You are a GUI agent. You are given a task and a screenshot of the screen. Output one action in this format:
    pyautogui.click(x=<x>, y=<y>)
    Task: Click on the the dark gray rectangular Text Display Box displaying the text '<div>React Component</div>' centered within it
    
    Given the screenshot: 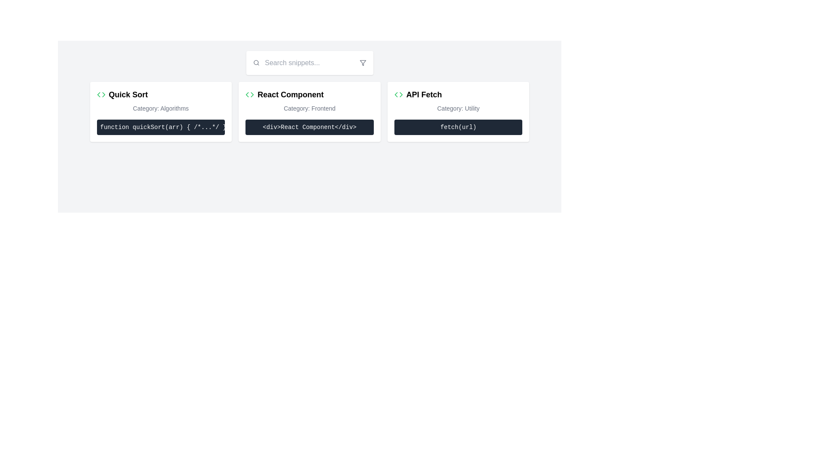 What is the action you would take?
    pyautogui.click(x=309, y=127)
    